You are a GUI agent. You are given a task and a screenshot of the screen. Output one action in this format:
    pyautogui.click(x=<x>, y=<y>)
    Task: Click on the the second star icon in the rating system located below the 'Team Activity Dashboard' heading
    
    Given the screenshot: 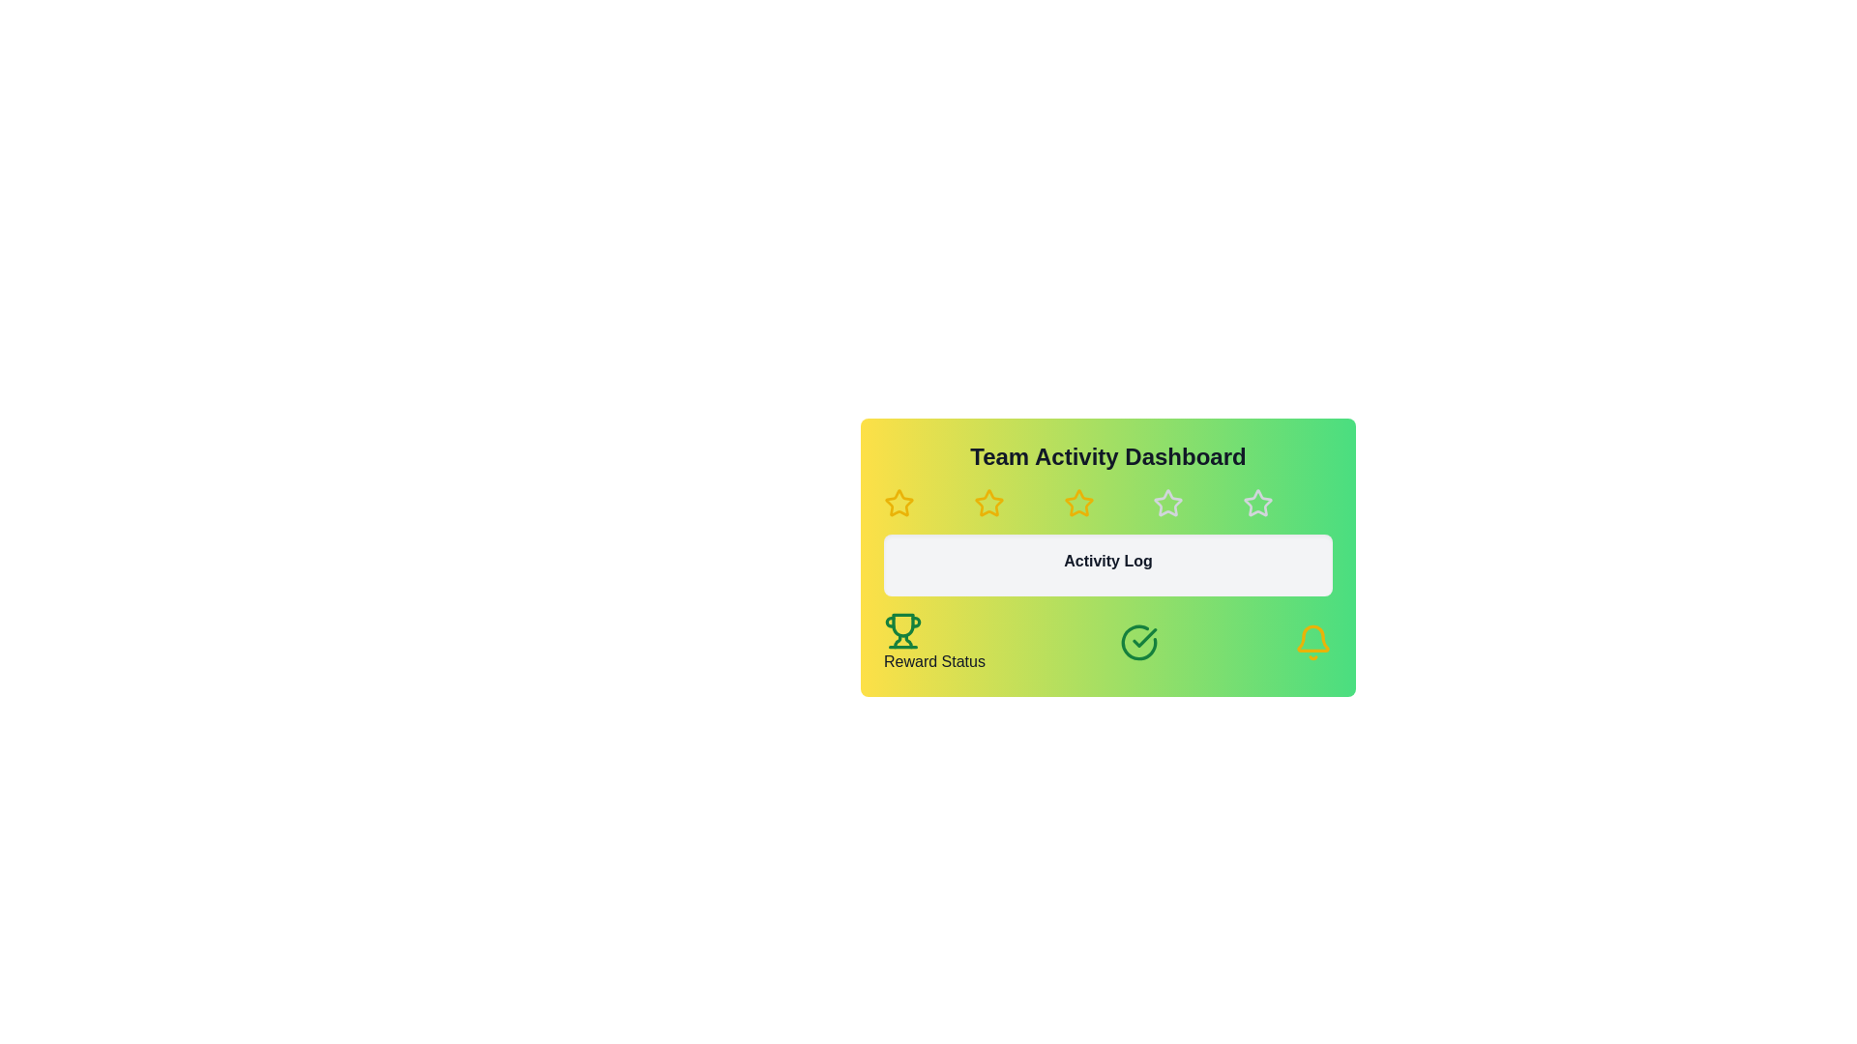 What is the action you would take?
    pyautogui.click(x=899, y=502)
    